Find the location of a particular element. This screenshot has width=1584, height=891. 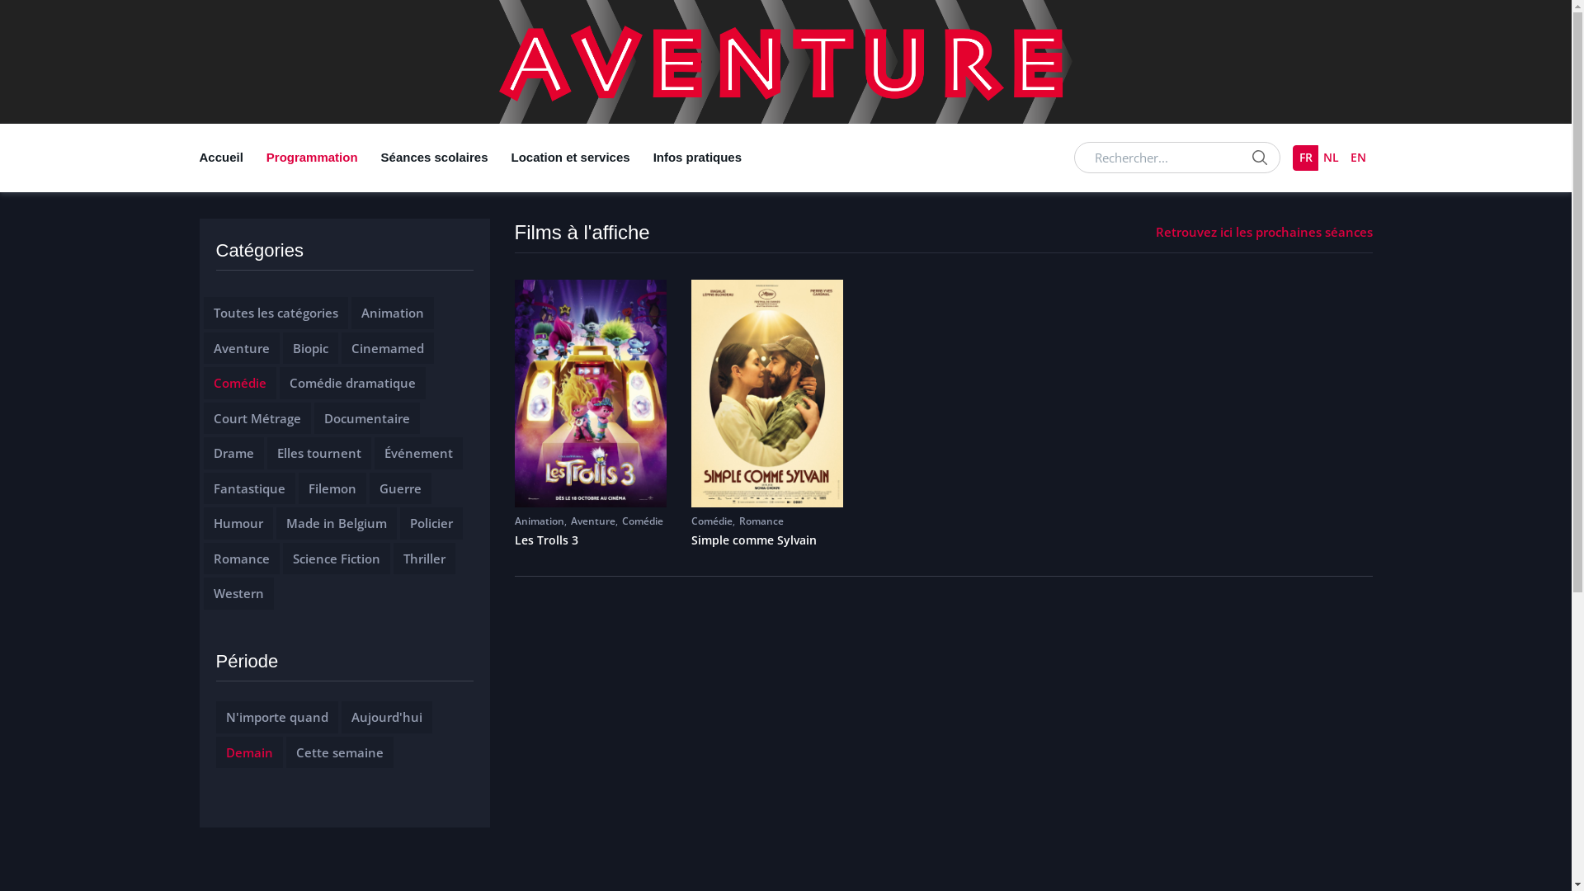

'Cinemamed' is located at coordinates (387, 346).